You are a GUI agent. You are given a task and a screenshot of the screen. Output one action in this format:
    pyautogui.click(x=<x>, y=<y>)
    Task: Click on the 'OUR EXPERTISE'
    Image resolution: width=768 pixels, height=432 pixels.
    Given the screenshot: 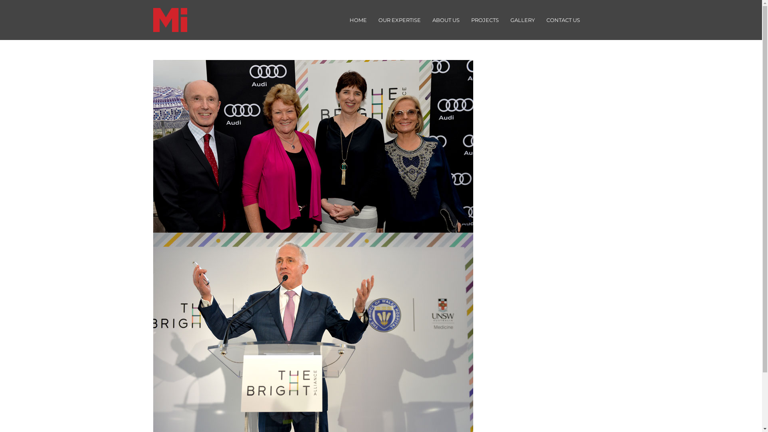 What is the action you would take?
    pyautogui.click(x=399, y=20)
    